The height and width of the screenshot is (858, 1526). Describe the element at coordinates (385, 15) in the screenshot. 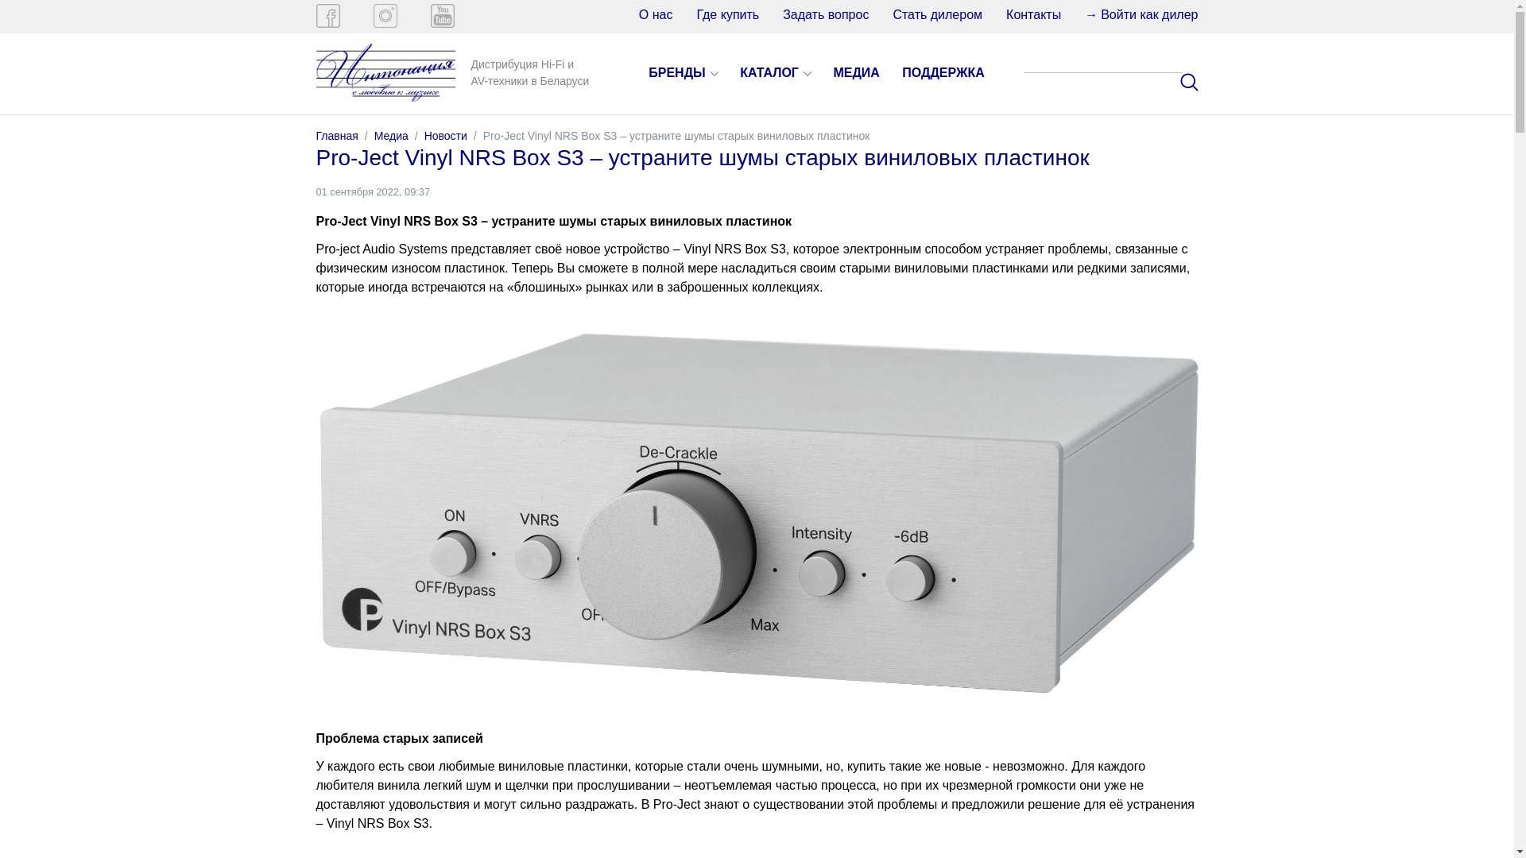

I see `'Instagram'` at that location.